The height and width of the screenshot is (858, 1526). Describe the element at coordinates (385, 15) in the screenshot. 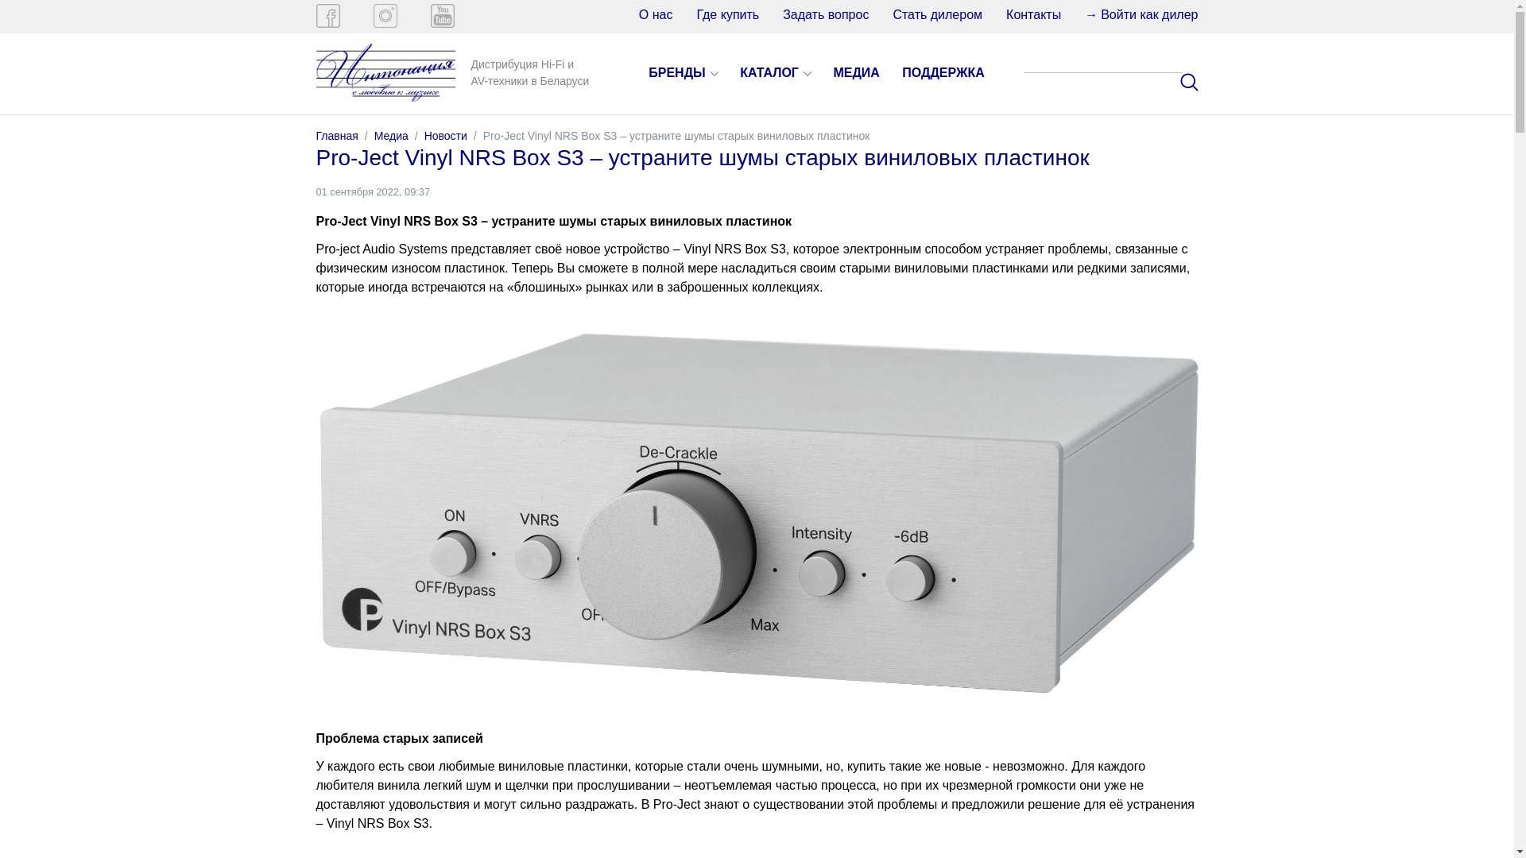

I see `'Instagram'` at that location.